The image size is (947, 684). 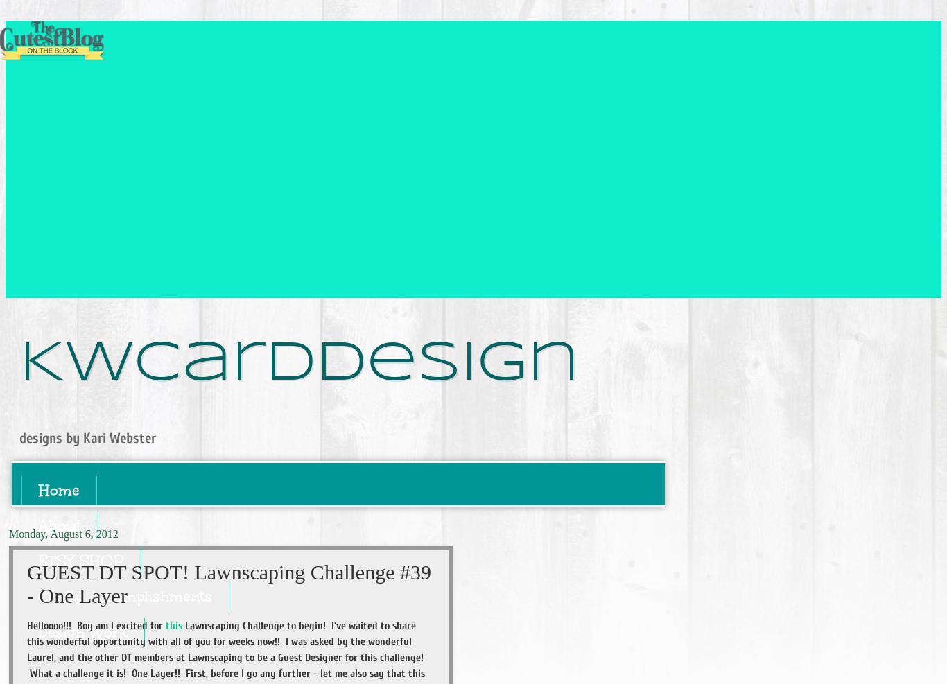 I want to click on 'Crafty Accomplishments', so click(x=124, y=595).